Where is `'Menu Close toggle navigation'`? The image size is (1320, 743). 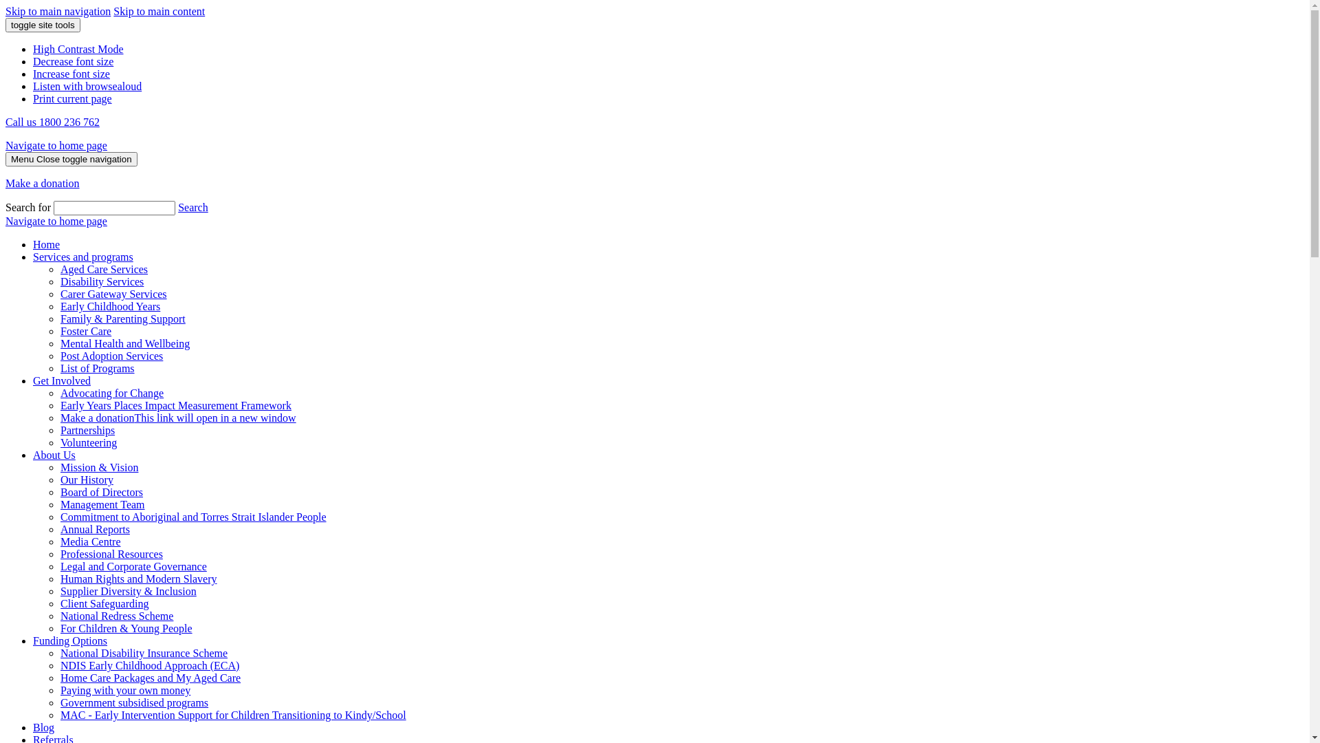 'Menu Close toggle navigation' is located at coordinates (71, 158).